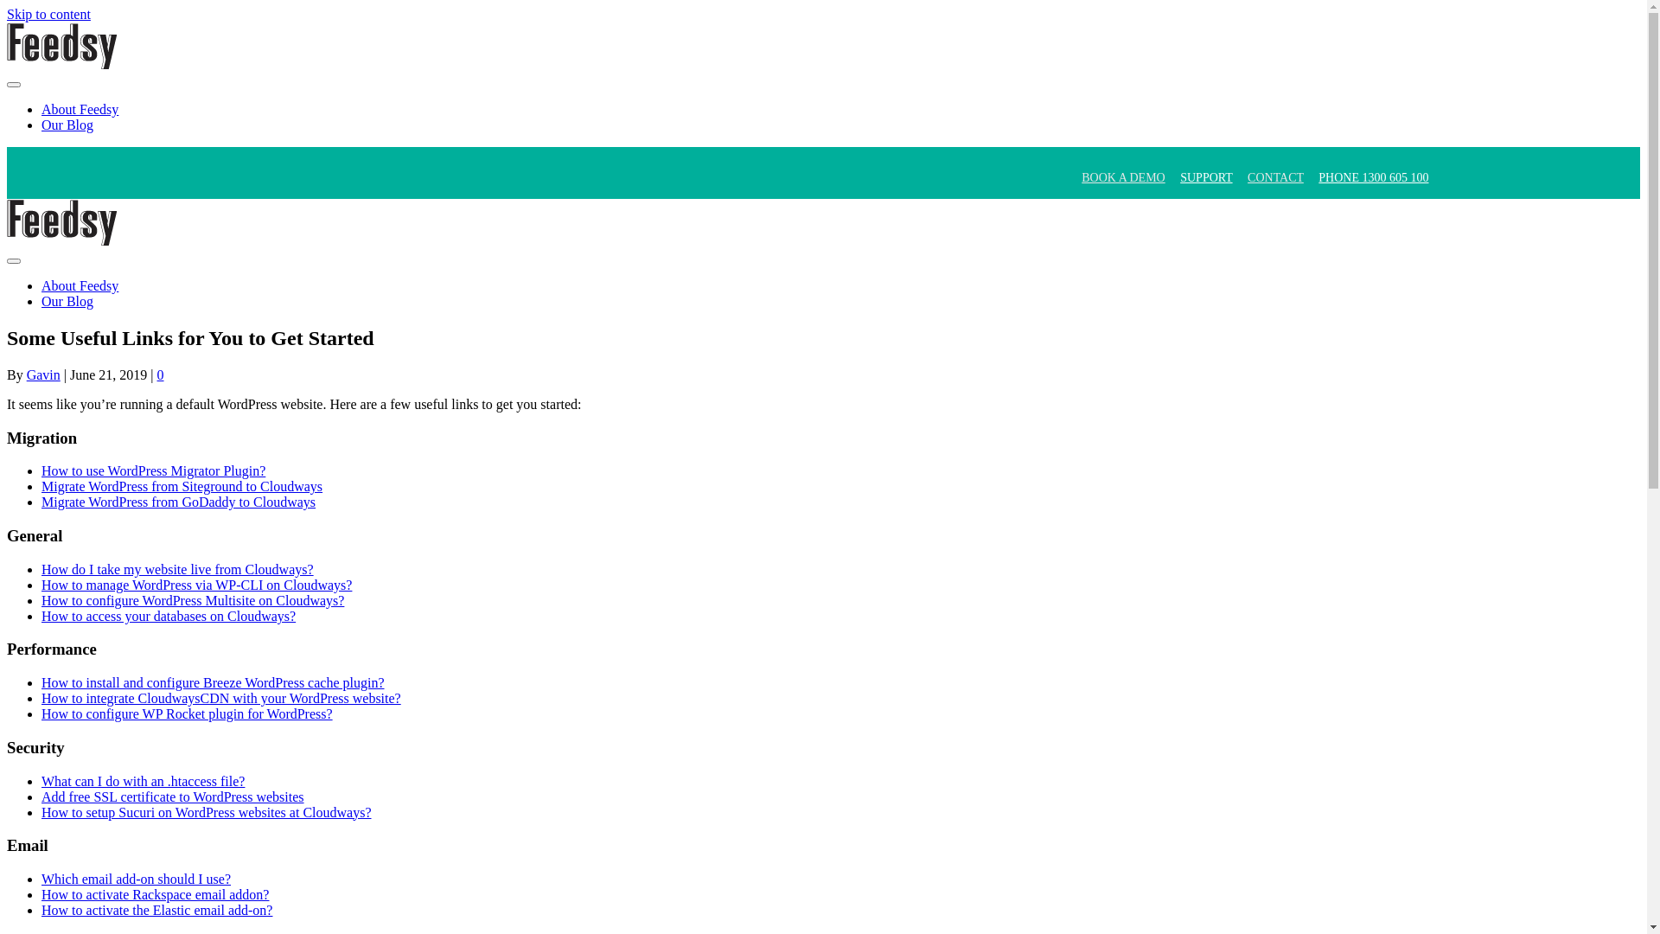 This screenshot has width=1660, height=934. I want to click on 'Which email add-on should I use?', so click(135, 879).